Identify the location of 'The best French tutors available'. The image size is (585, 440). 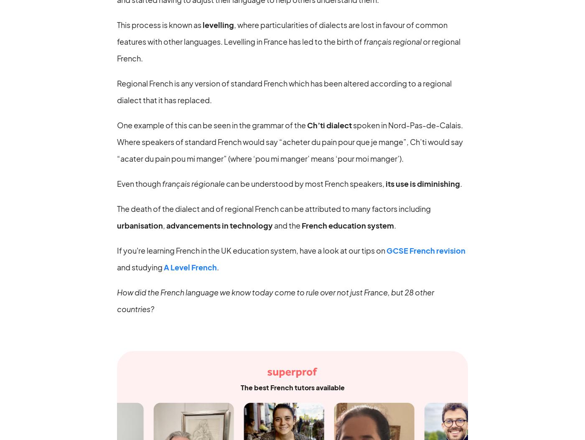
(292, 387).